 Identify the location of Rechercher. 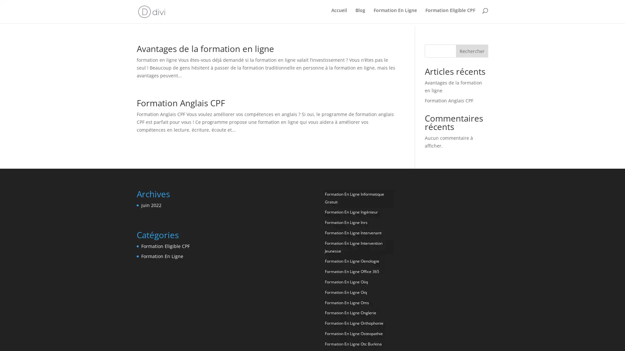
(472, 48).